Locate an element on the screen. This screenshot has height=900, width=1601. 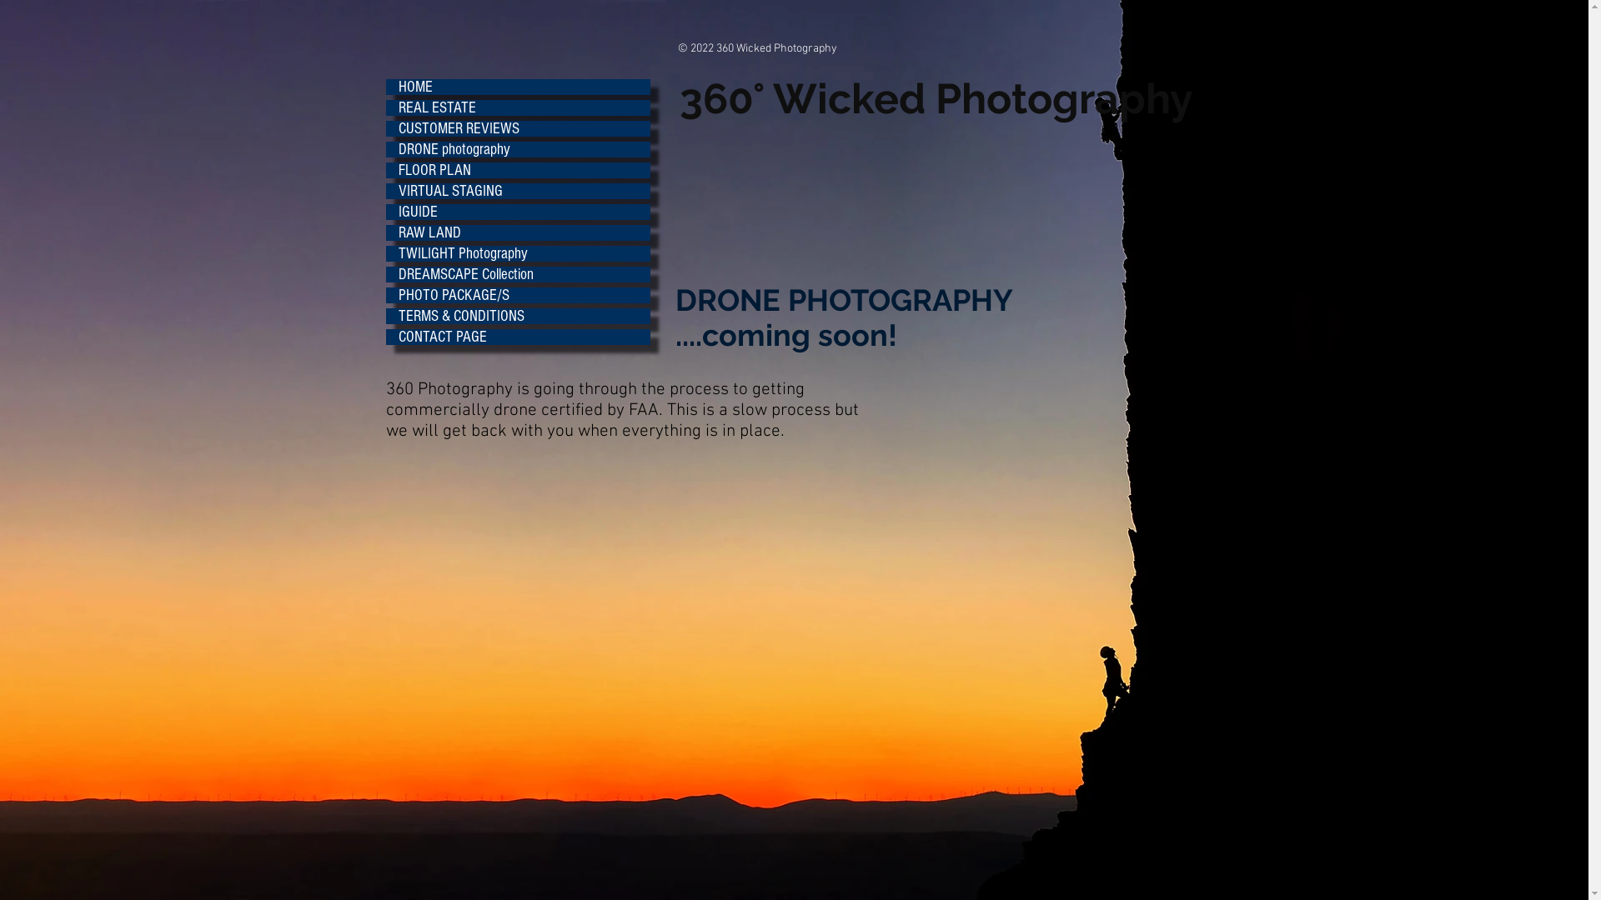
'VIRTUAL STAGING' is located at coordinates (516, 190).